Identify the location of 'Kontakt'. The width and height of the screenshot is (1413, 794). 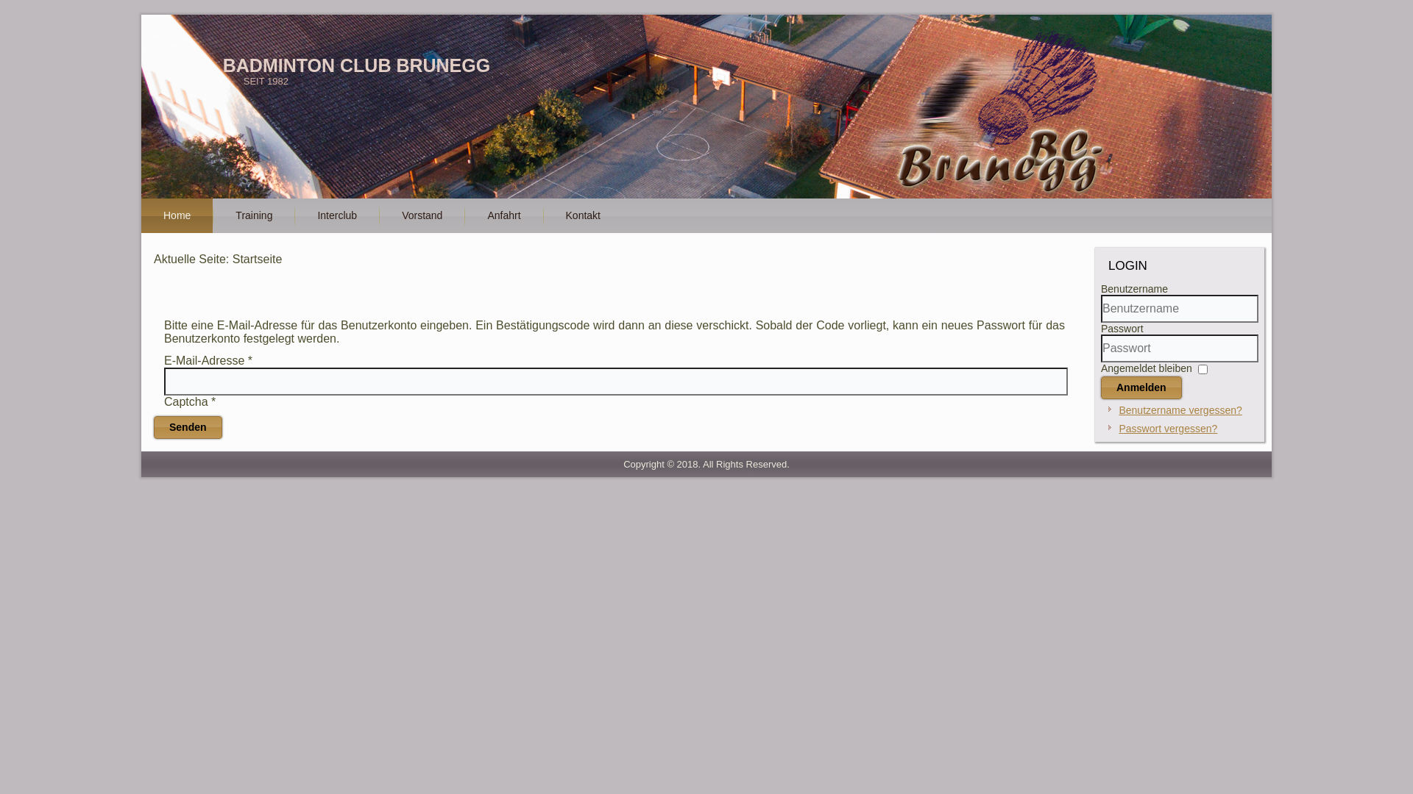
(582, 215).